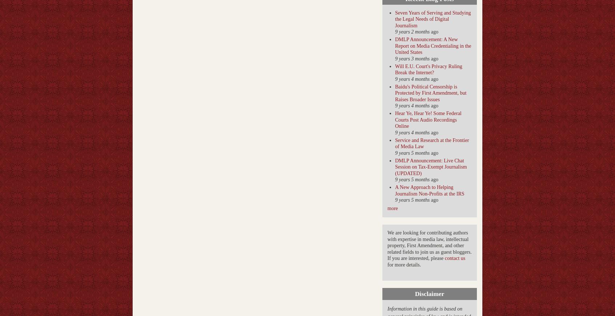  Describe the element at coordinates (429, 245) in the screenshot. I see `'We are looking for contributing authors with expertise in media law, intellectual property, First Amendment, and other related fields to join us as guest bloggers. If you are interested, please'` at that location.